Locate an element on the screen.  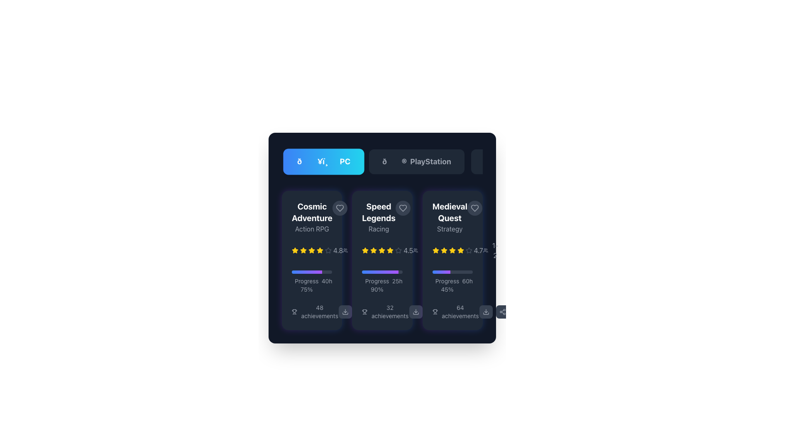
the download button located at the bottom-right corner of the 'Medieval Quest' card is located at coordinates (486, 312).